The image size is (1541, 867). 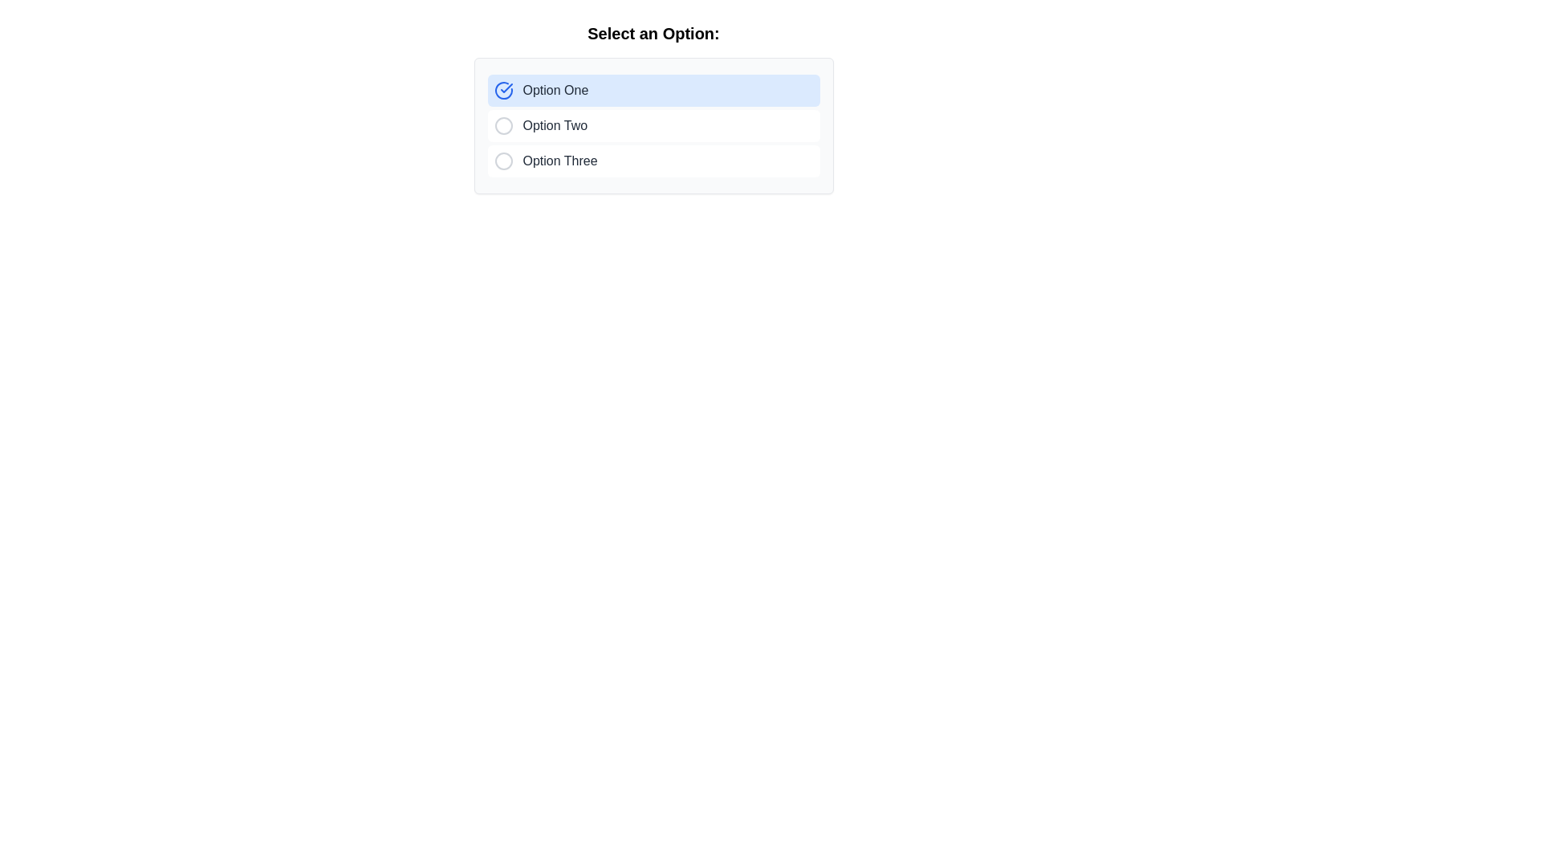 I want to click on the blue circular arc of the first radio button adjacent to the text 'Option One', so click(x=502, y=90).